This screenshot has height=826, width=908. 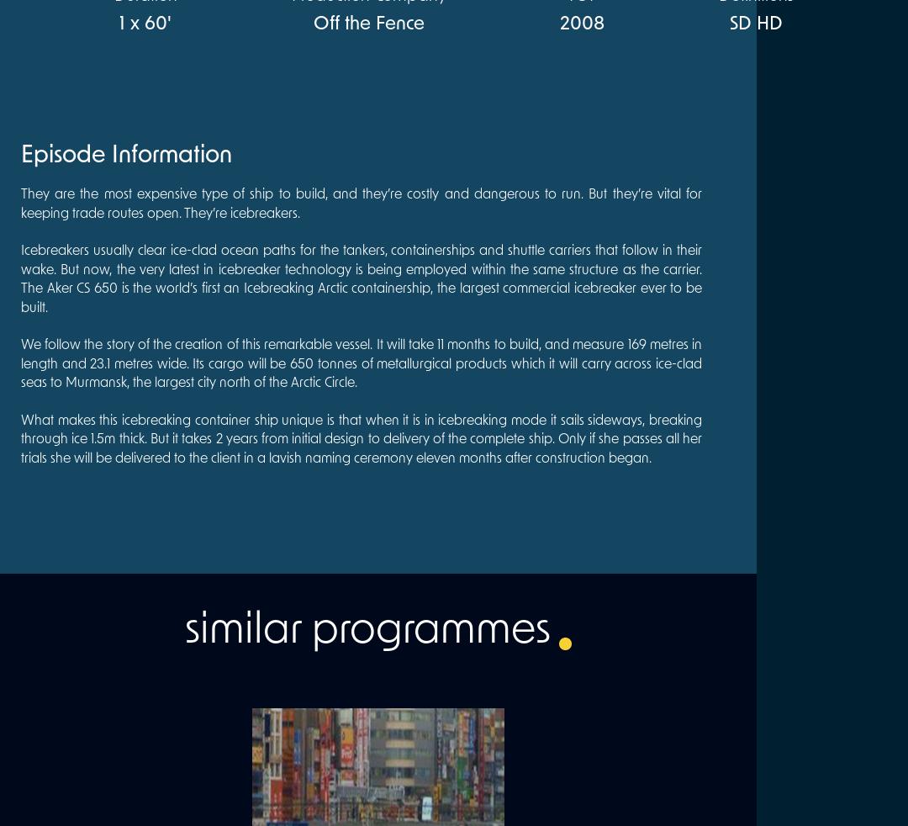 What do you see at coordinates (20, 155) in the screenshot?
I see `'Episode Information'` at bounding box center [20, 155].